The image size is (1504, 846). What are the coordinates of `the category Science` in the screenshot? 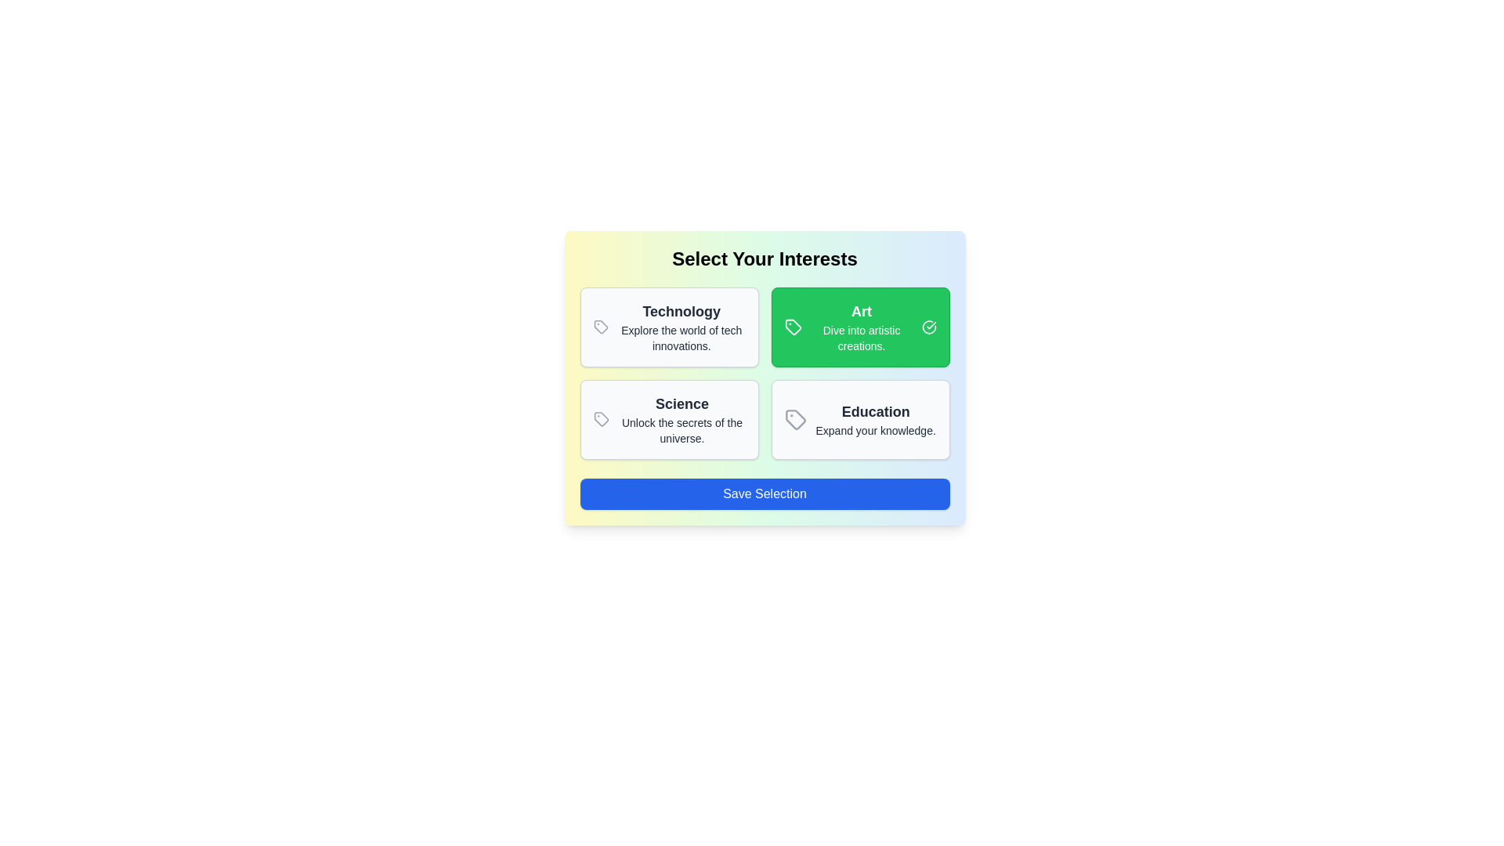 It's located at (669, 419).